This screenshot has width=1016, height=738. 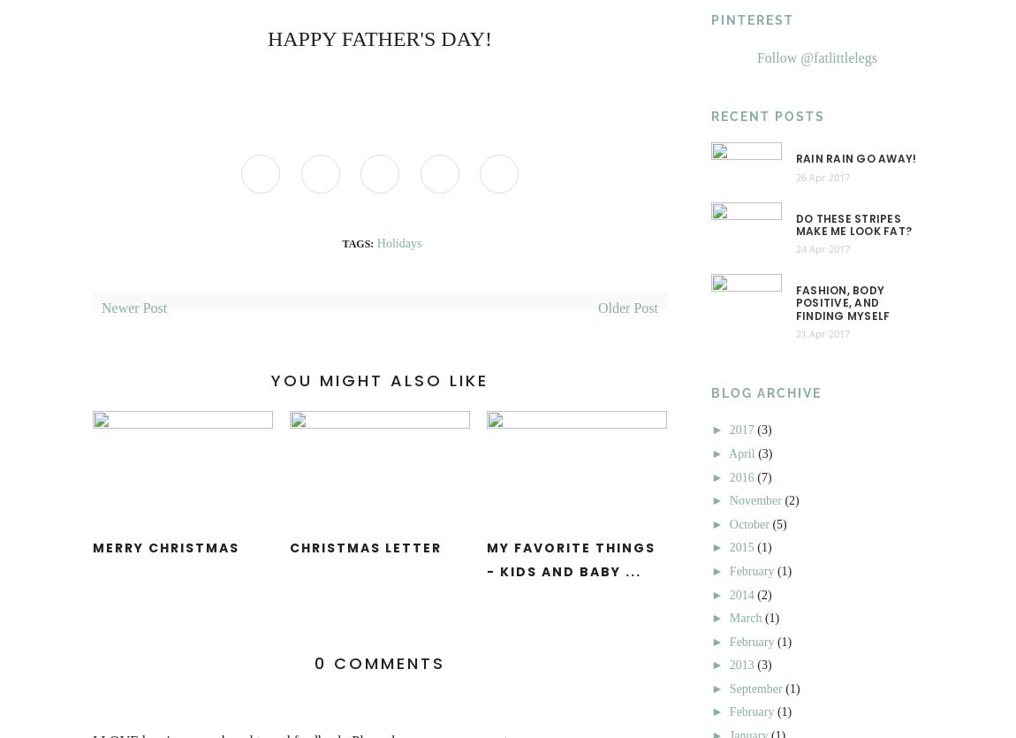 I want to click on 'My Favorite Things - Kids and Baby ...', so click(x=570, y=559).